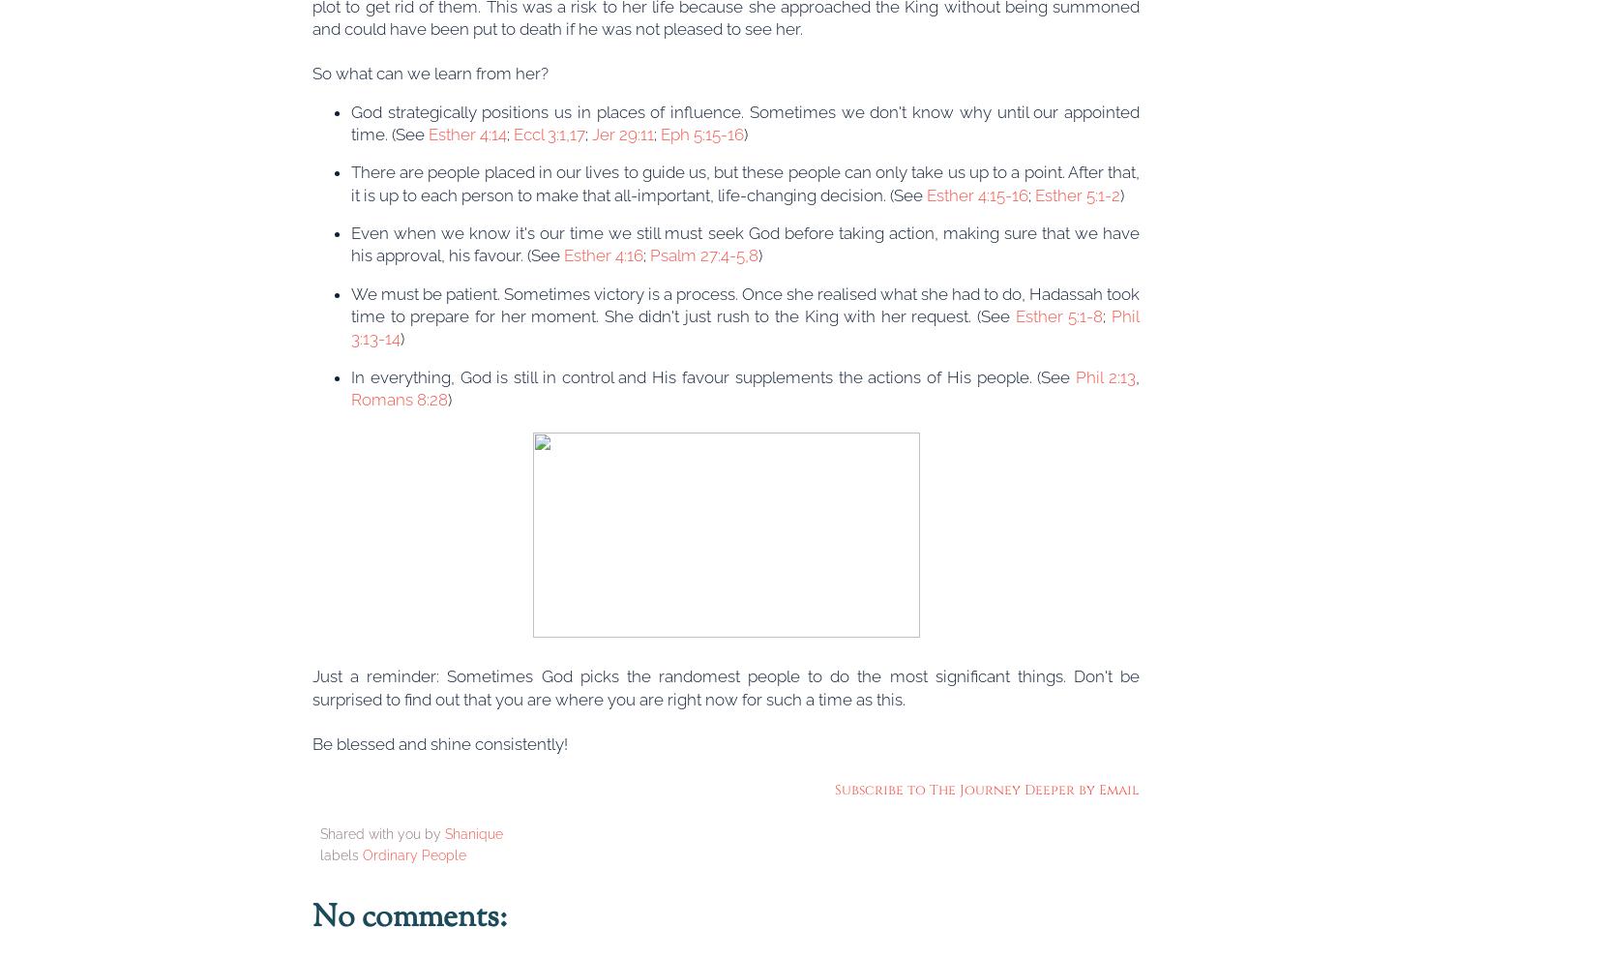 Image resolution: width=1604 pixels, height=958 pixels. I want to click on 'Psalm 27:4-5,8', so click(648, 255).